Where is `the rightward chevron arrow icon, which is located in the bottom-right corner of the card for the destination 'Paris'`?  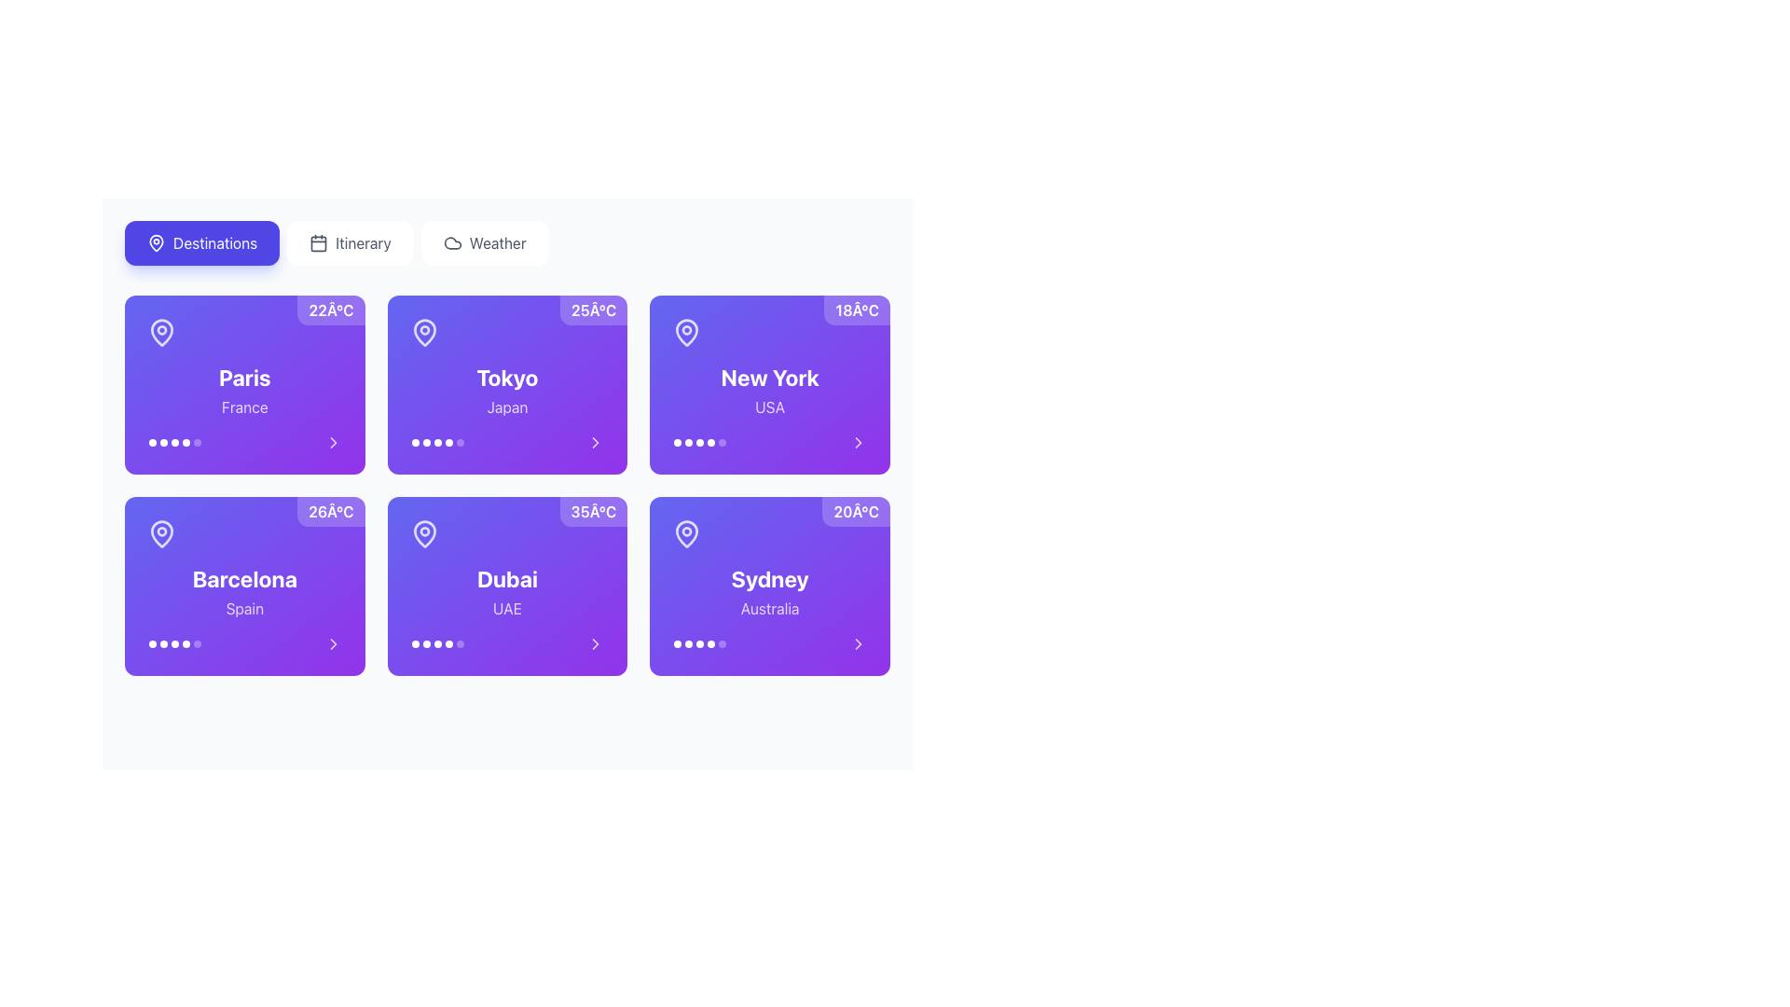 the rightward chevron arrow icon, which is located in the bottom-right corner of the card for the destination 'Paris' is located at coordinates (333, 442).